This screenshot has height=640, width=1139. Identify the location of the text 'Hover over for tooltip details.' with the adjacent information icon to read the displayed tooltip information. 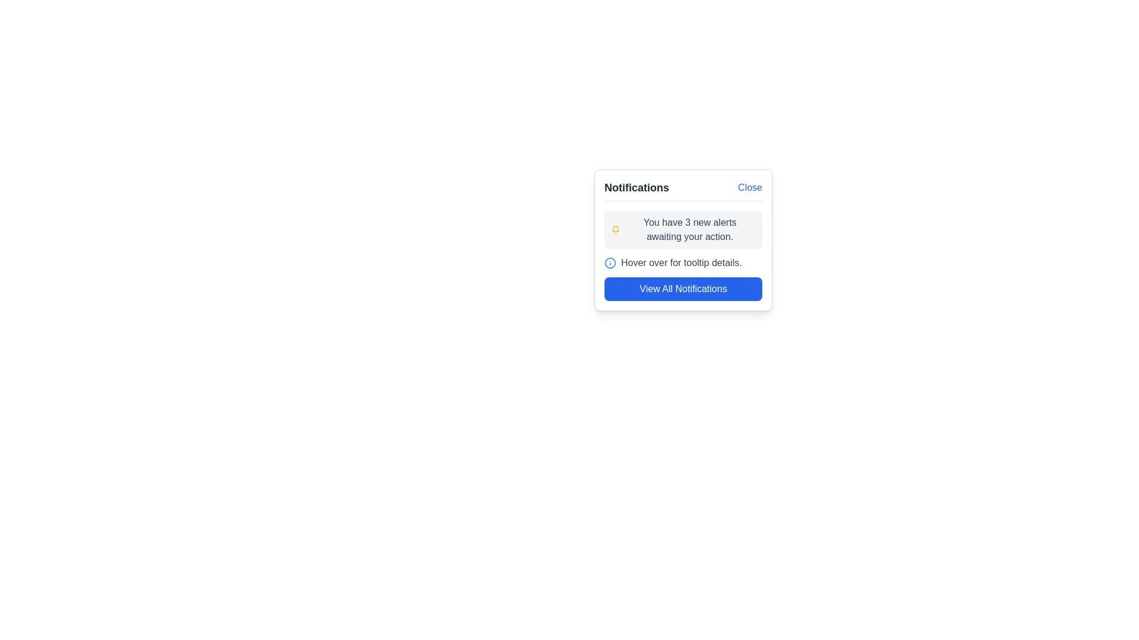
(683, 262).